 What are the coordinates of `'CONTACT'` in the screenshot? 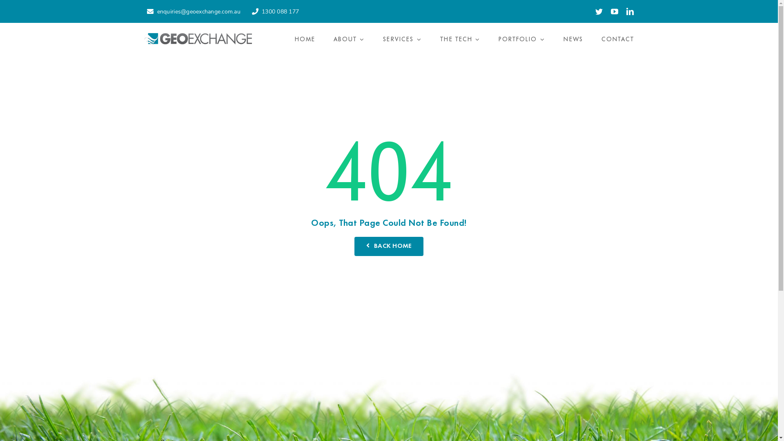 It's located at (601, 39).